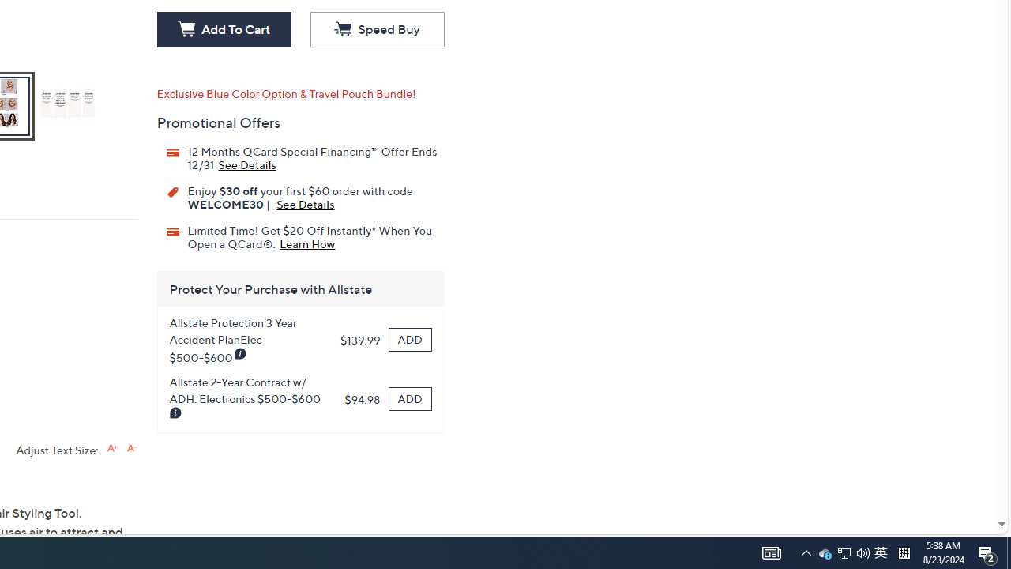  Describe the element at coordinates (176, 413) in the screenshot. I see `'Class: infoIcon fancybox fancybox.ajax'` at that location.